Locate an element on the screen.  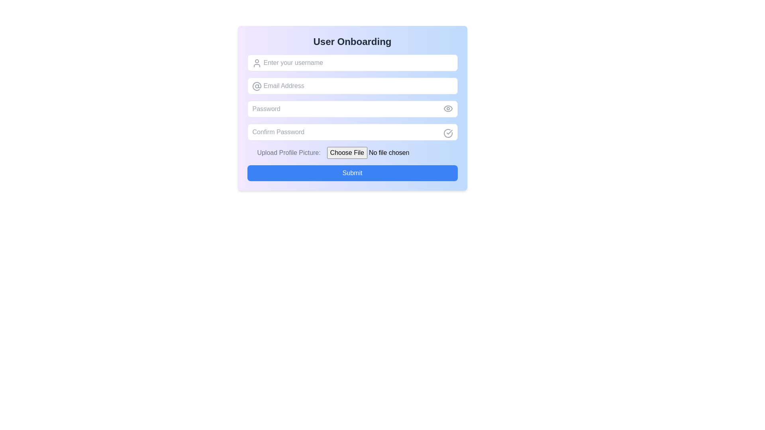
the File upload component labeled 'Upload Profile Picture:' is located at coordinates (352, 153).